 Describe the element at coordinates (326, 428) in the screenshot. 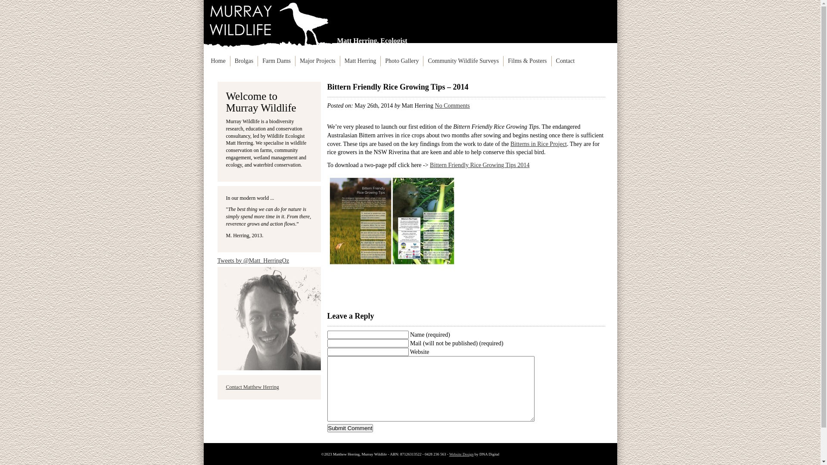

I see `'Submit Comment'` at that location.